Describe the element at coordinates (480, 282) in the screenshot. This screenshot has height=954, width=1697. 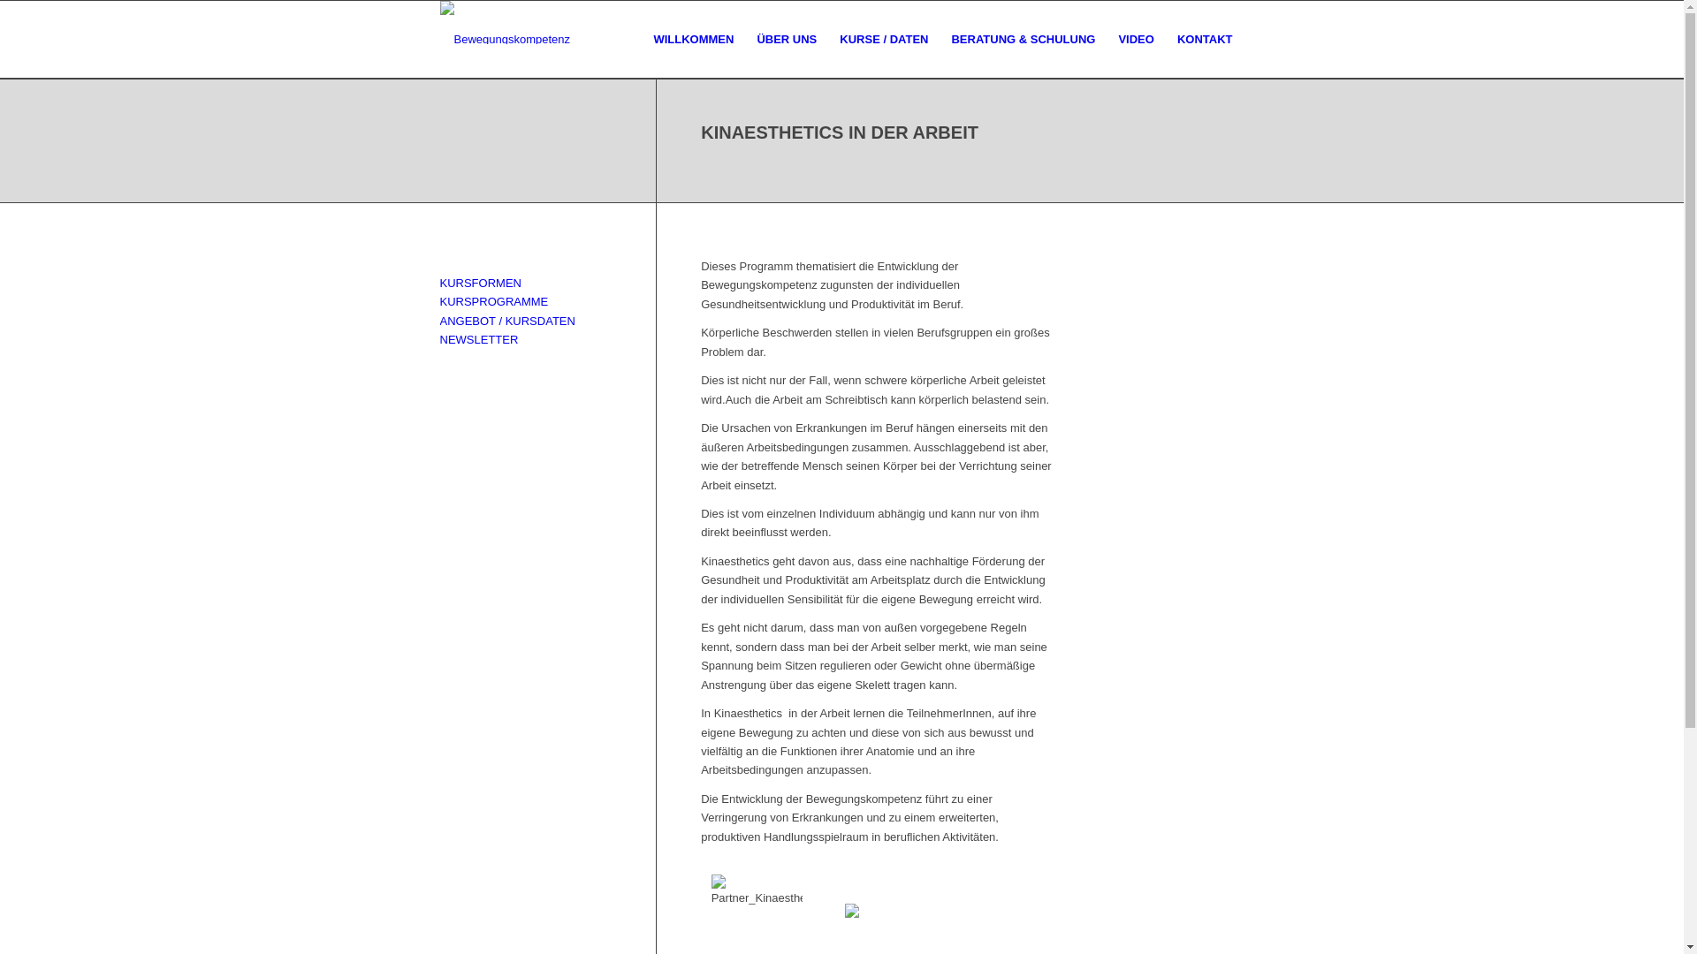
I see `'KURSFORMEN'` at that location.